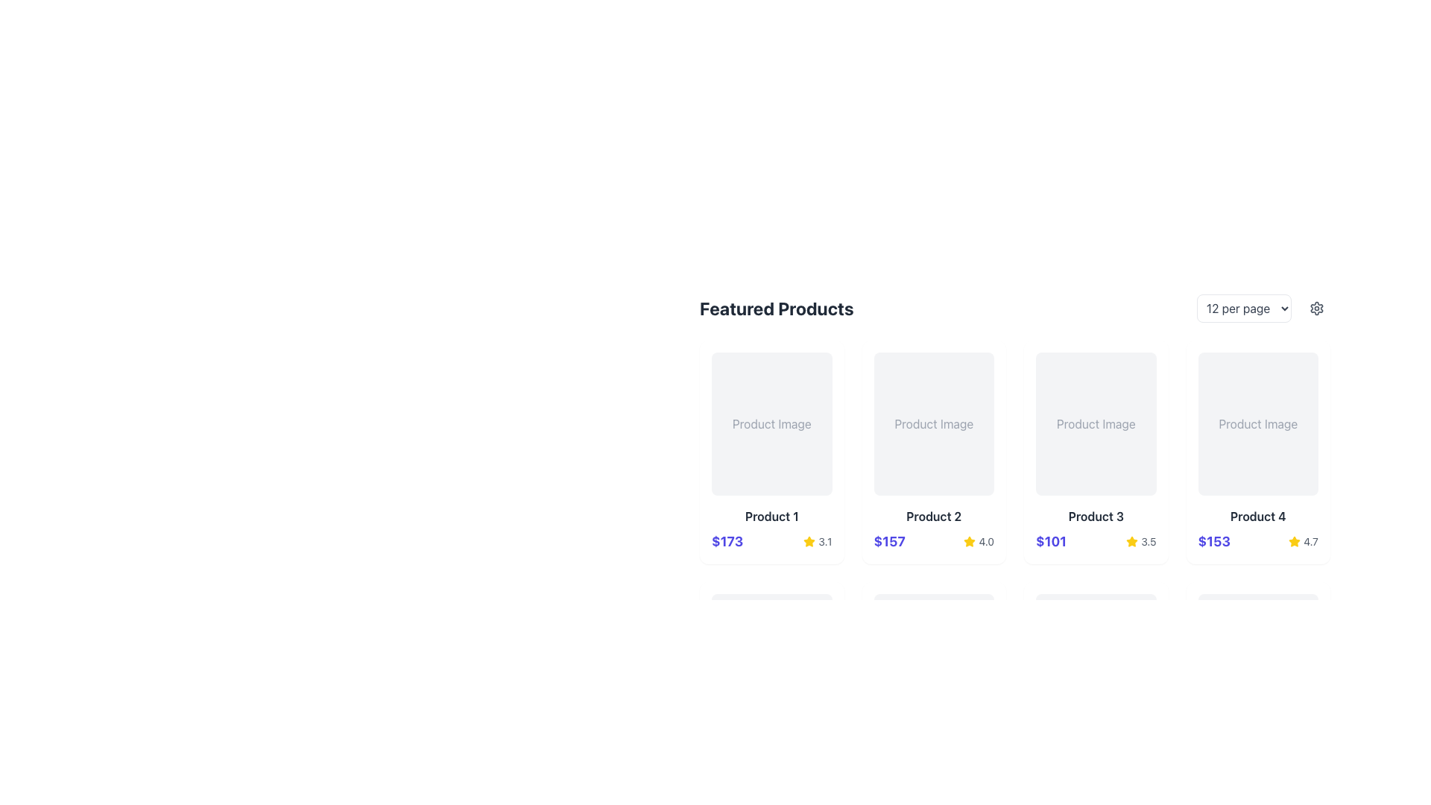 This screenshot has width=1431, height=805. Describe the element at coordinates (1140, 541) in the screenshot. I see `the non-interactive rating display for 'Product 3', which shows a score of 3.5 and is located next to the star graphic on the right side of the price '$101'` at that location.